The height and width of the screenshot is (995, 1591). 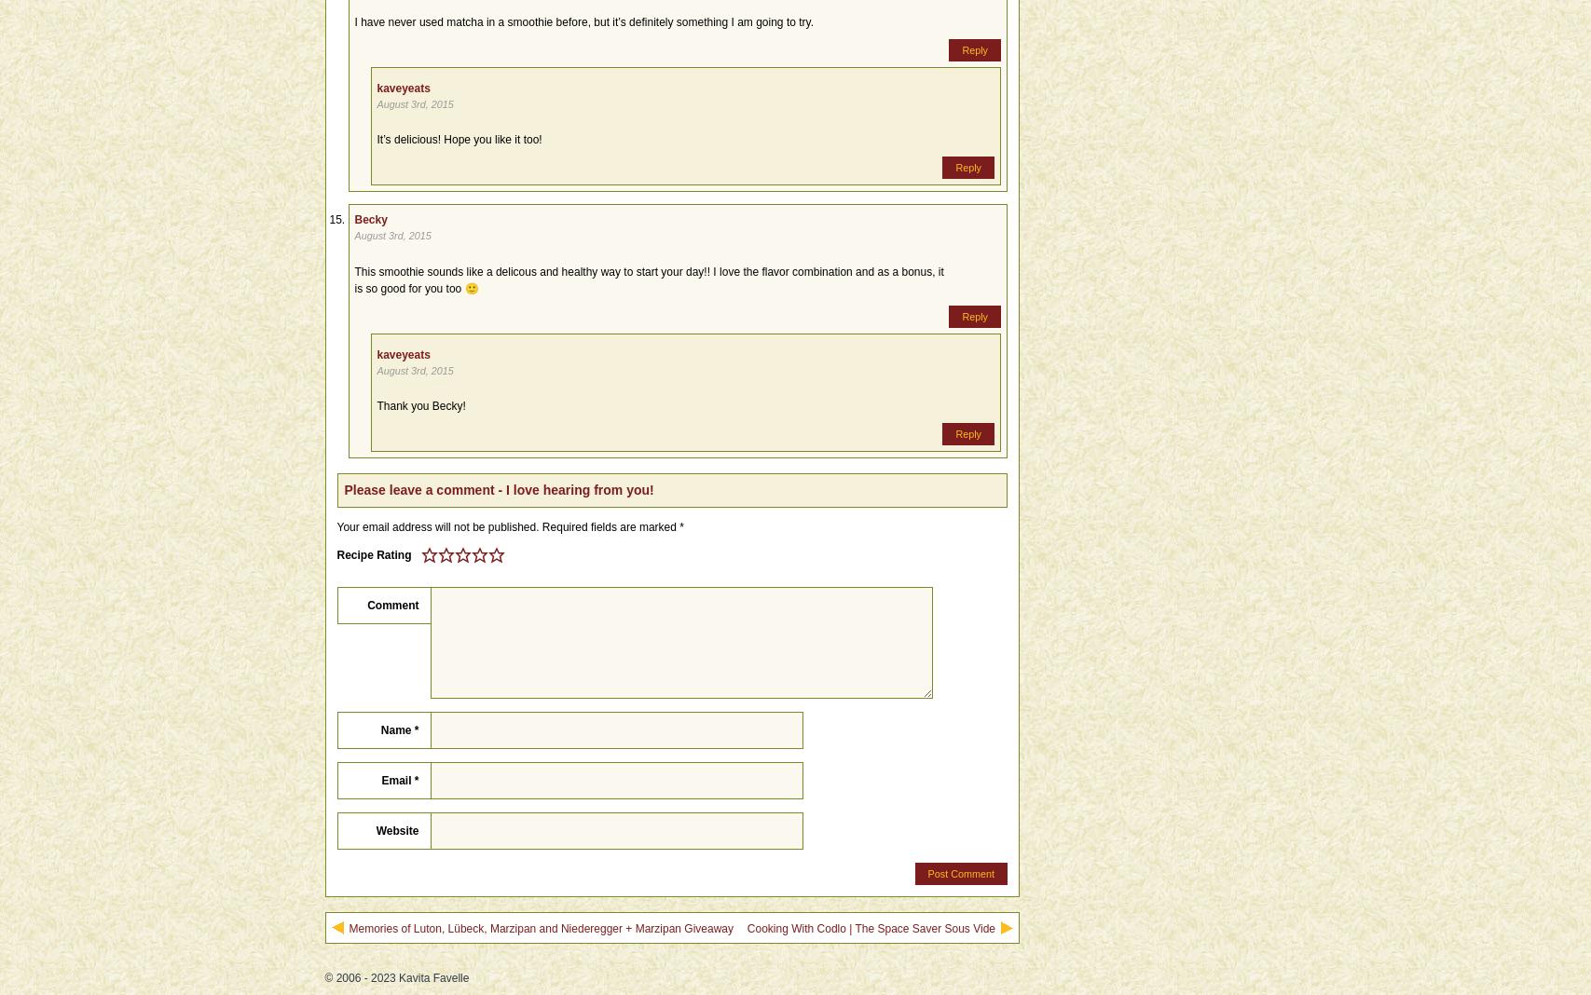 What do you see at coordinates (870, 928) in the screenshot?
I see `'Cooking With Codlo | The Space Saver Sous Vide'` at bounding box center [870, 928].